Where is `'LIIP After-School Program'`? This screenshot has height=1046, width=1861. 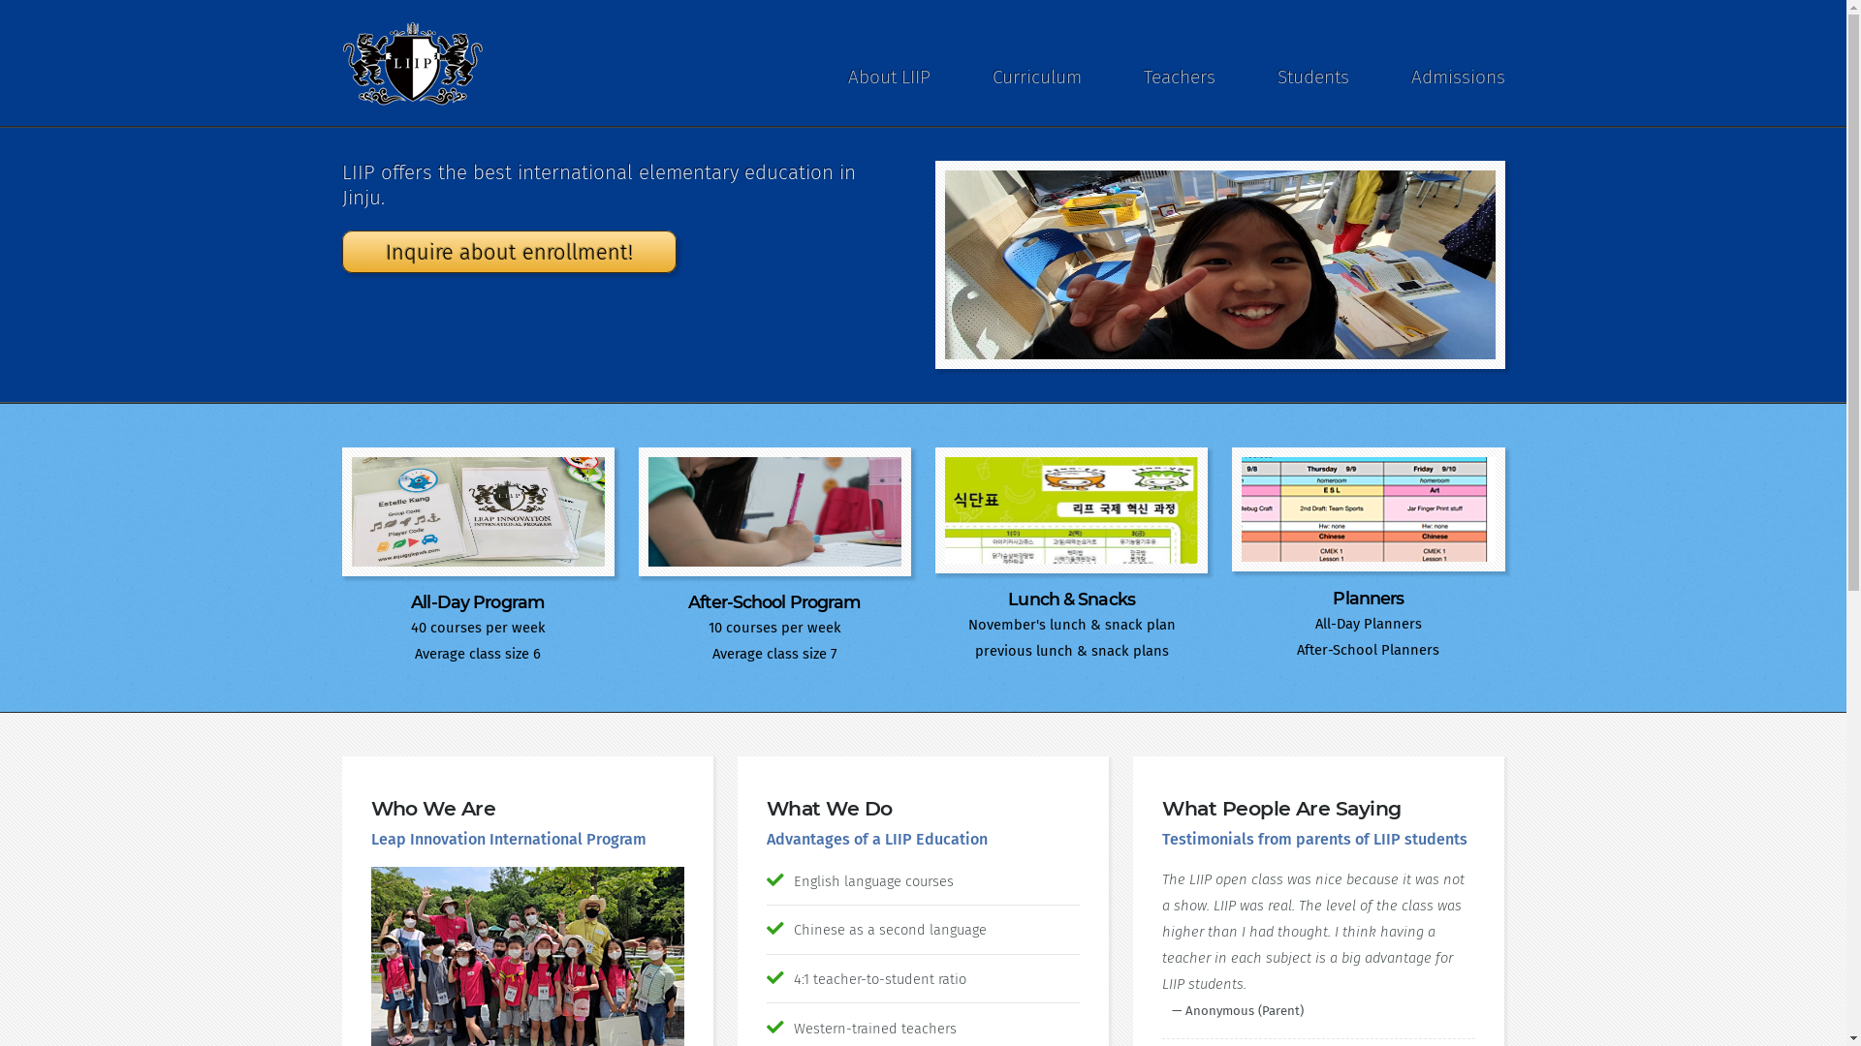
'LIIP After-School Program' is located at coordinates (773, 510).